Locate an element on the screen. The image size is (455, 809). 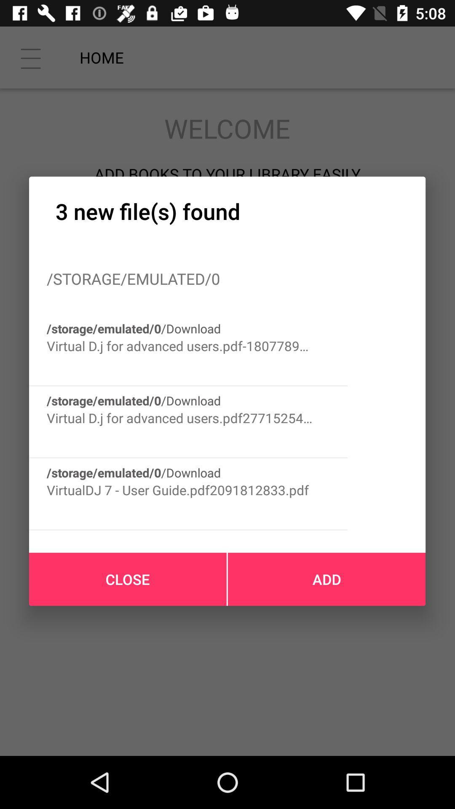
add icon is located at coordinates (326, 579).